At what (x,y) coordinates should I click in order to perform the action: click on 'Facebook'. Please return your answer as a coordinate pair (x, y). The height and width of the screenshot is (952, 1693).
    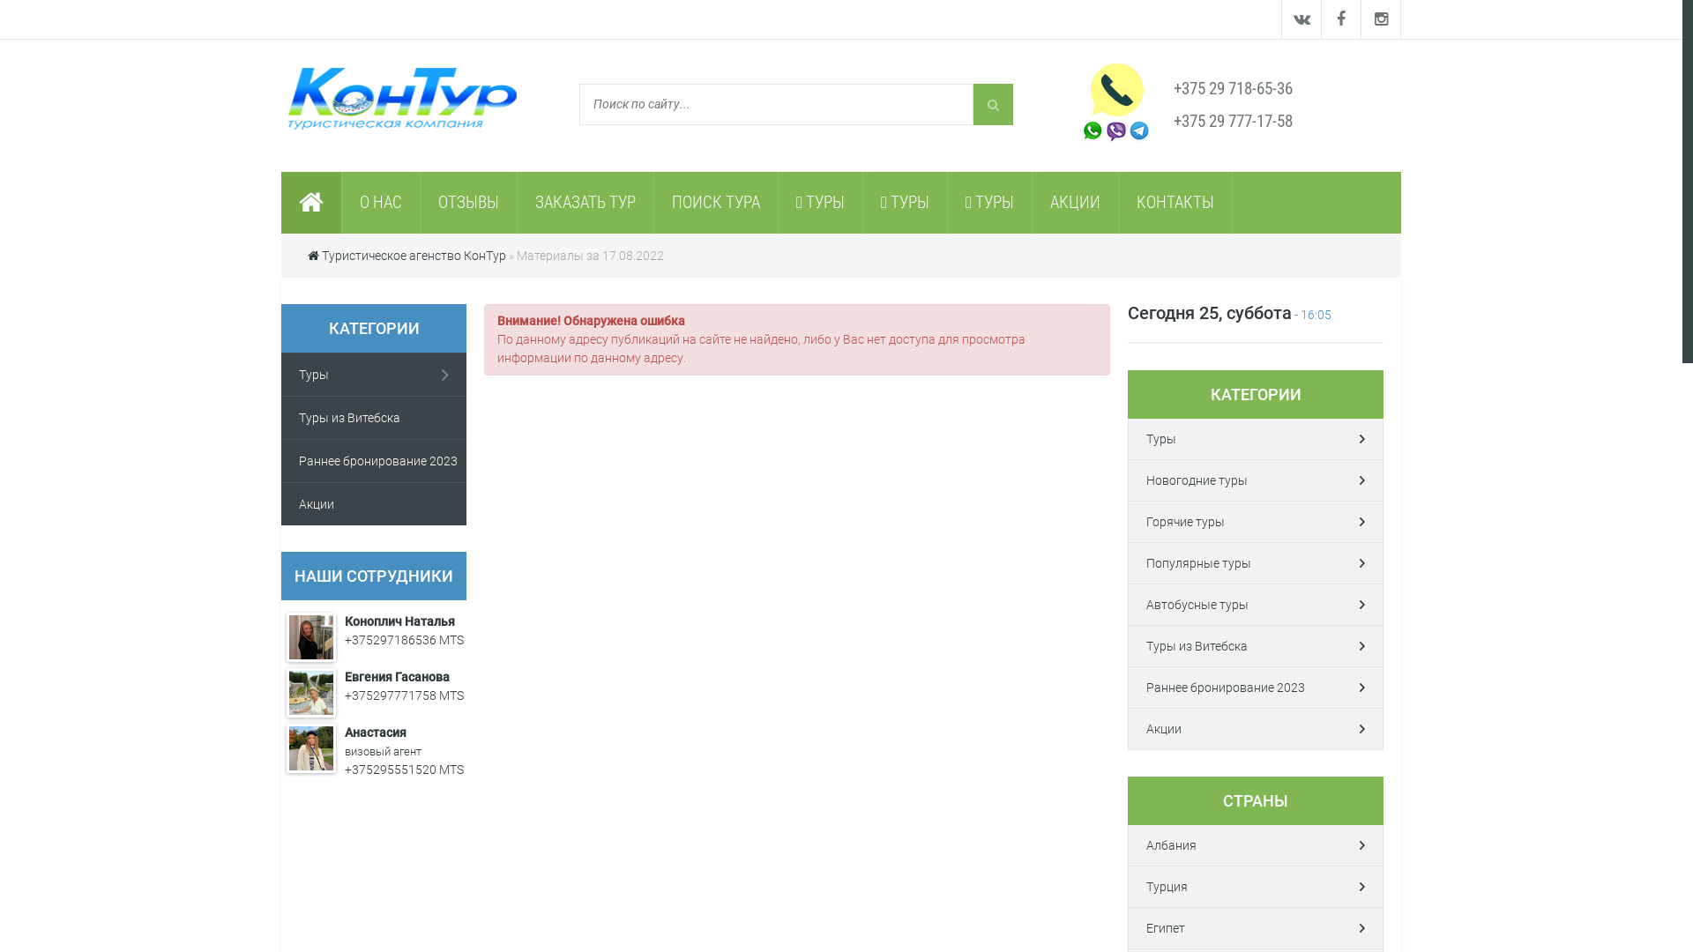
    Looking at the image, I should click on (1340, 19).